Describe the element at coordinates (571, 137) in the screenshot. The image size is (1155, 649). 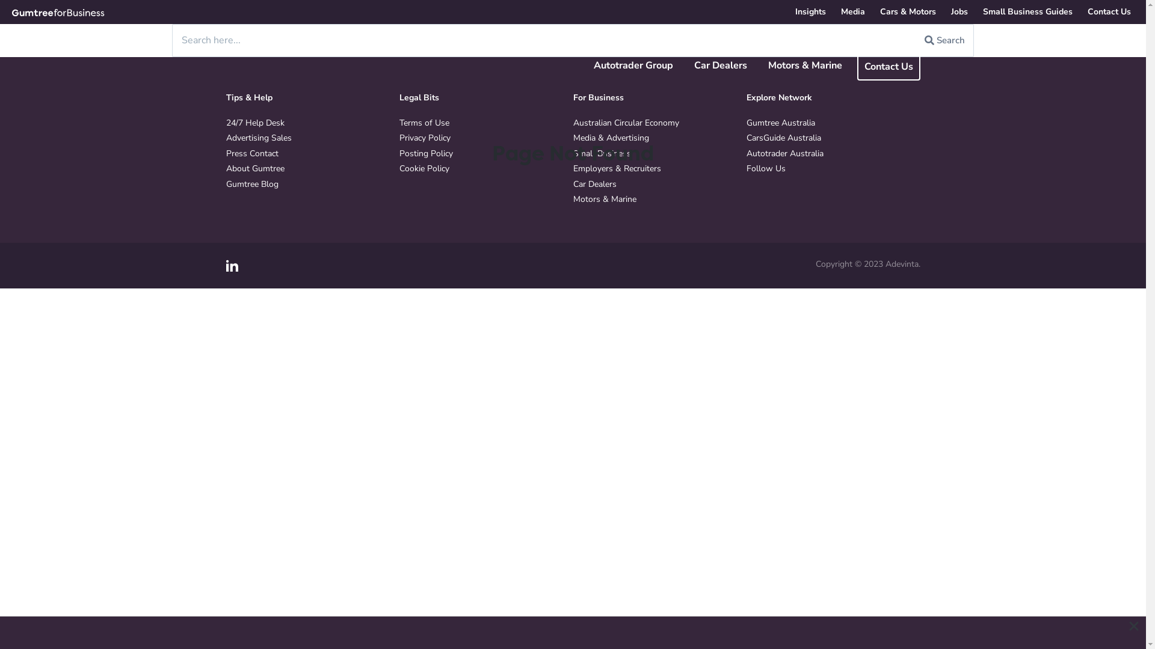
I see `'Media & Advertising'` at that location.